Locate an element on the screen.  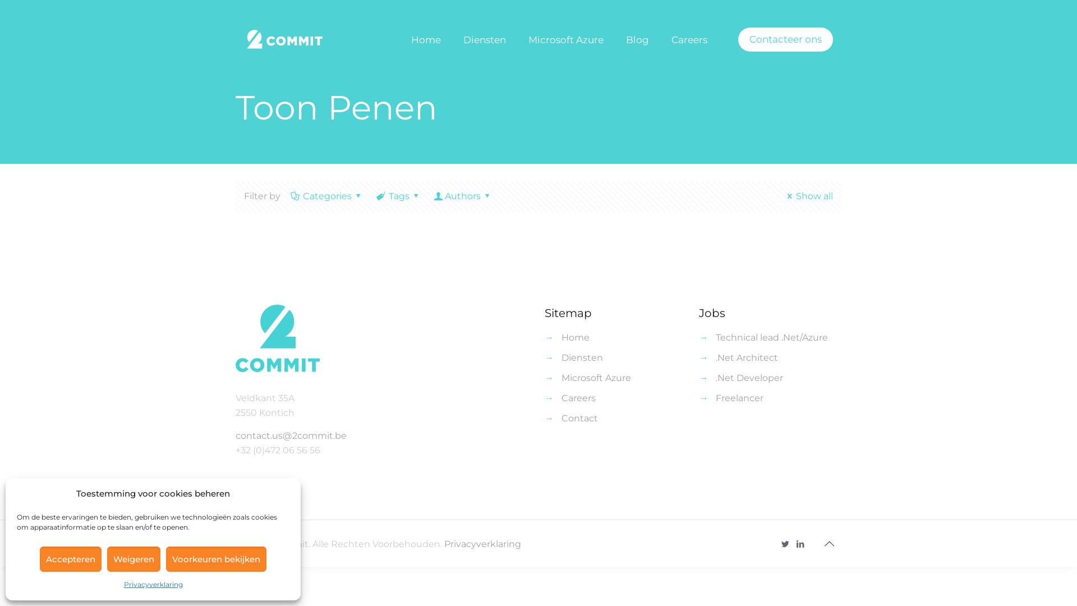
'2commit' is located at coordinates (246, 39).